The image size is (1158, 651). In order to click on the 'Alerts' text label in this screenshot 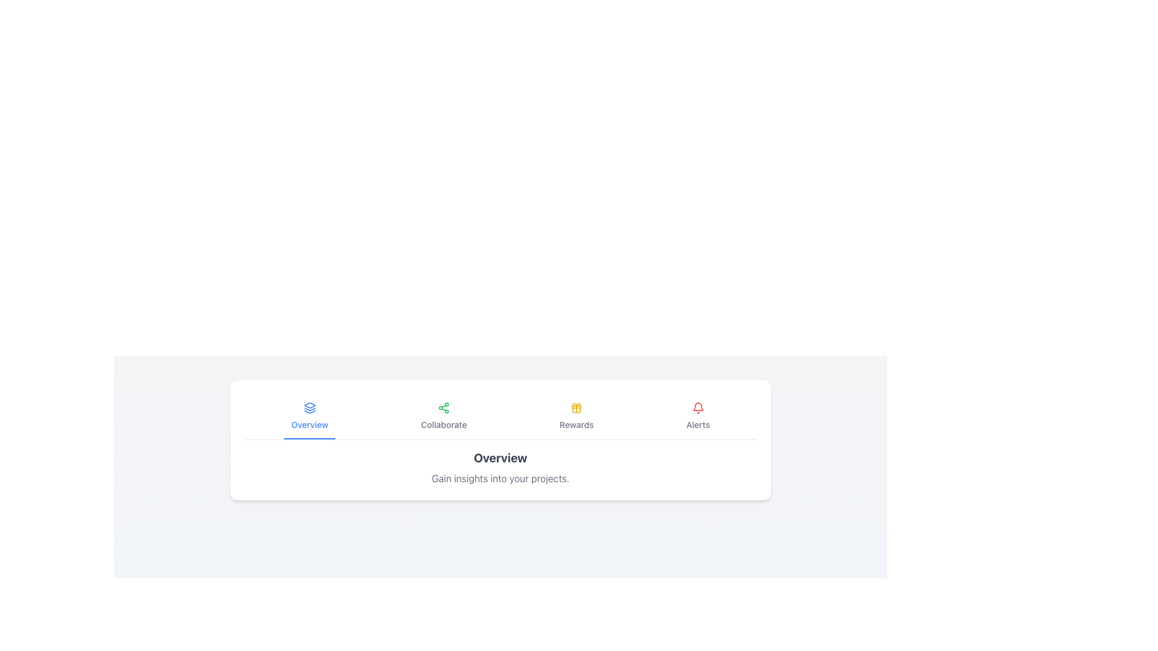, I will do `click(698, 424)`.